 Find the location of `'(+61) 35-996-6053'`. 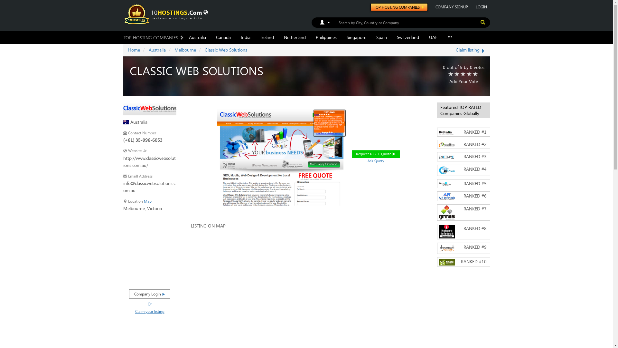

'(+61) 35-996-6053' is located at coordinates (123, 140).